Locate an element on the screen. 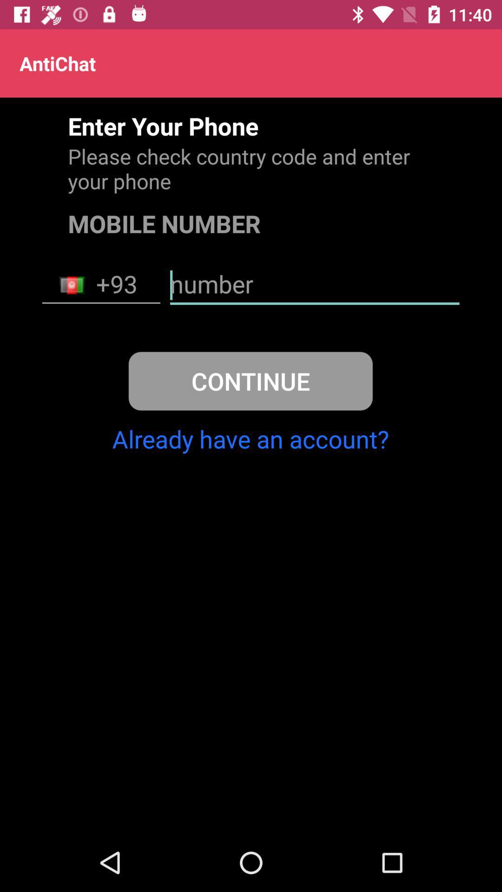 This screenshot has width=502, height=892. item above the already have an item is located at coordinates (250, 381).